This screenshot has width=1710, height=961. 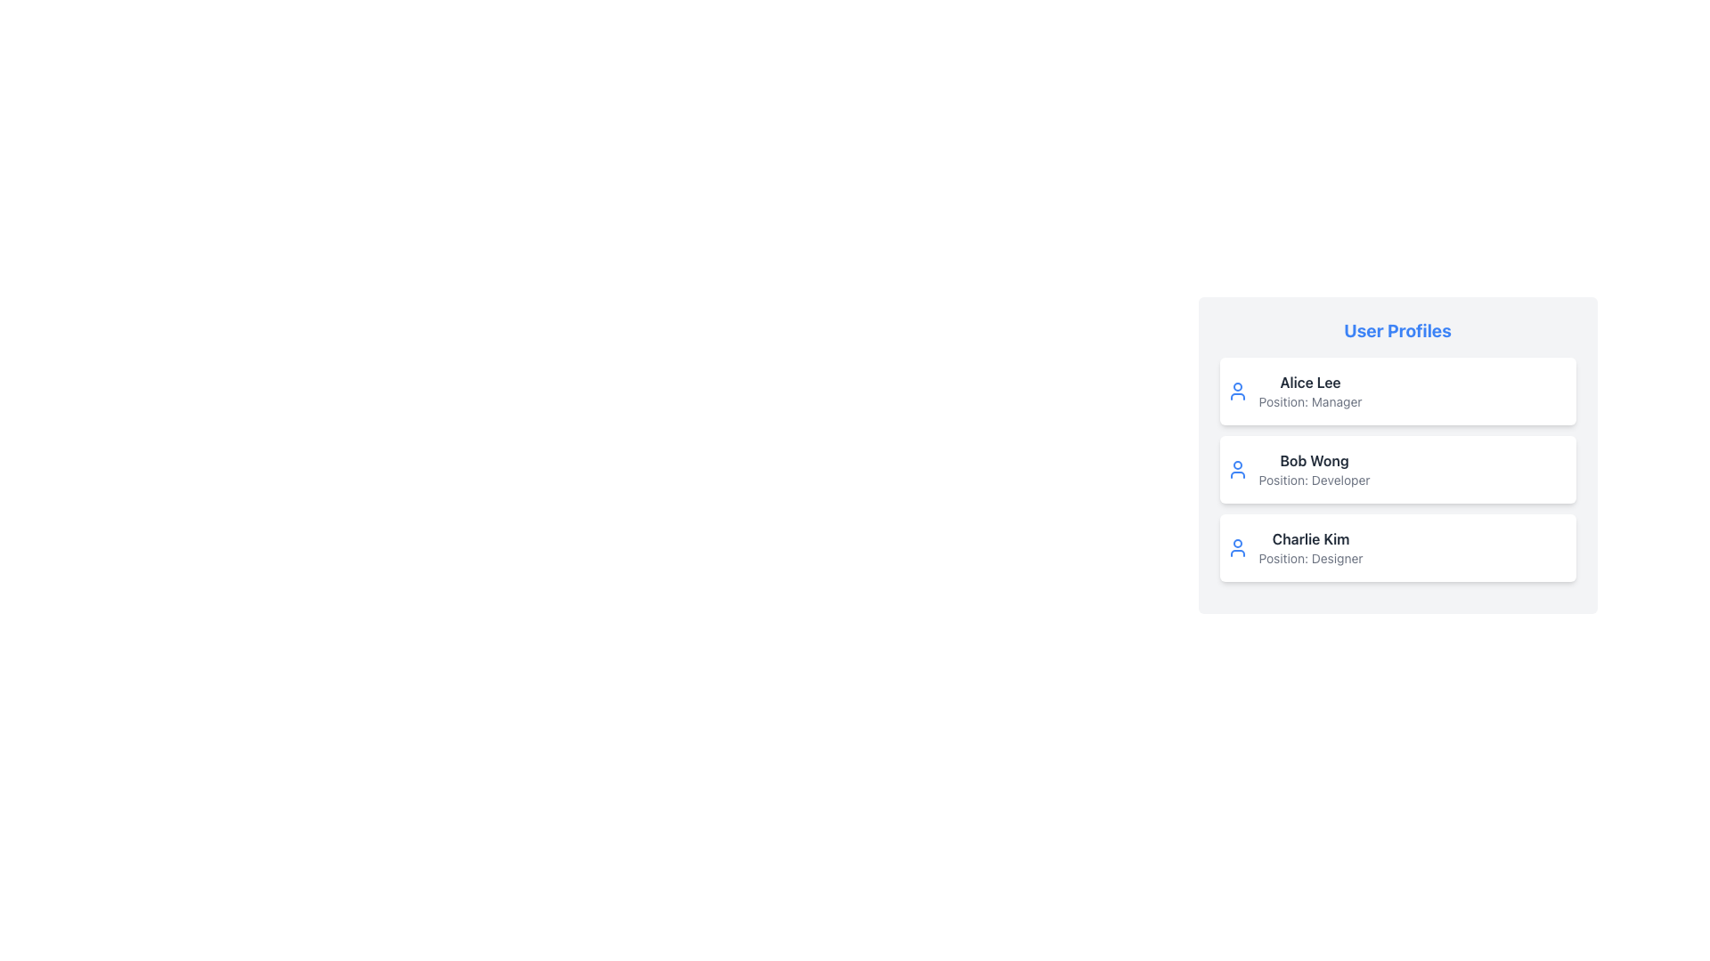 What do you see at coordinates (1315, 459) in the screenshot?
I see `text label displaying 'Bob Wong' that identifies the individual associated with the user profile, located in the middle card of the vertical list of user profiles` at bounding box center [1315, 459].